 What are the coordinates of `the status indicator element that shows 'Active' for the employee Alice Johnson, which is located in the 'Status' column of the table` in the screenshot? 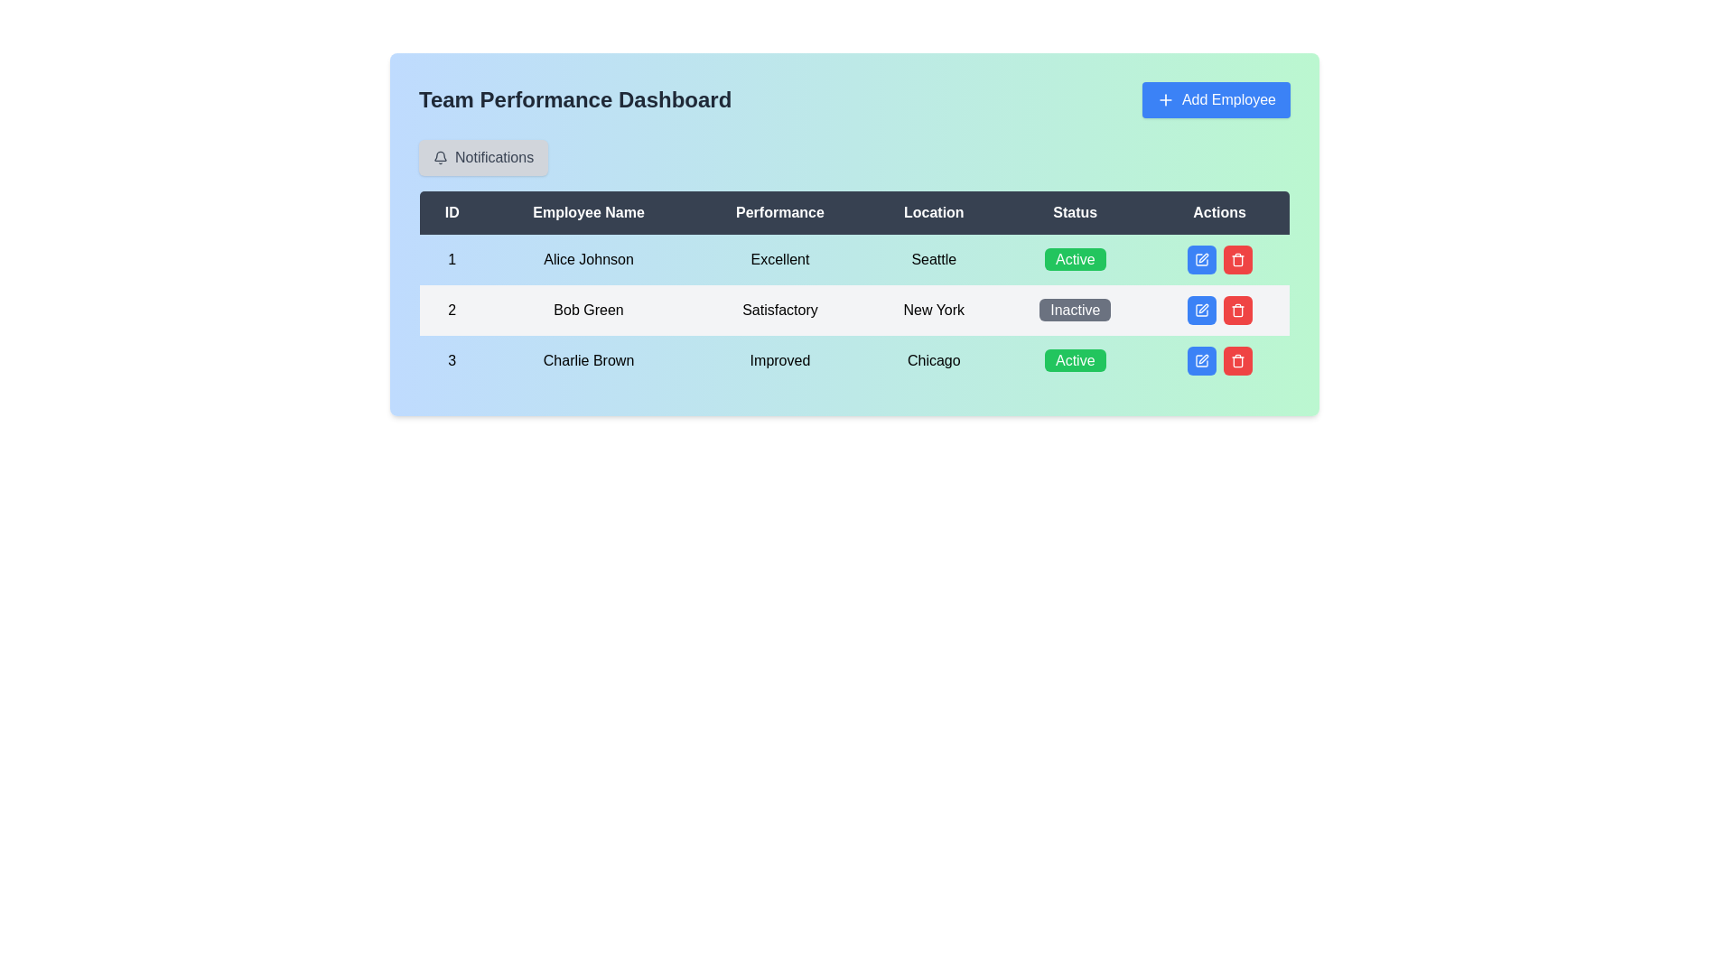 It's located at (1075, 259).